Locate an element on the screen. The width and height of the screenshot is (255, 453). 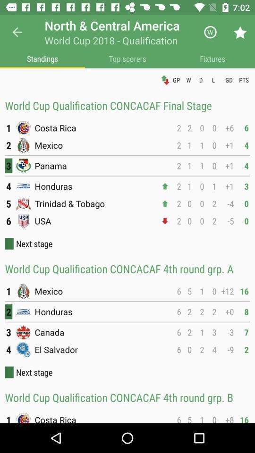
the item above the fixtures item is located at coordinates (240, 32).